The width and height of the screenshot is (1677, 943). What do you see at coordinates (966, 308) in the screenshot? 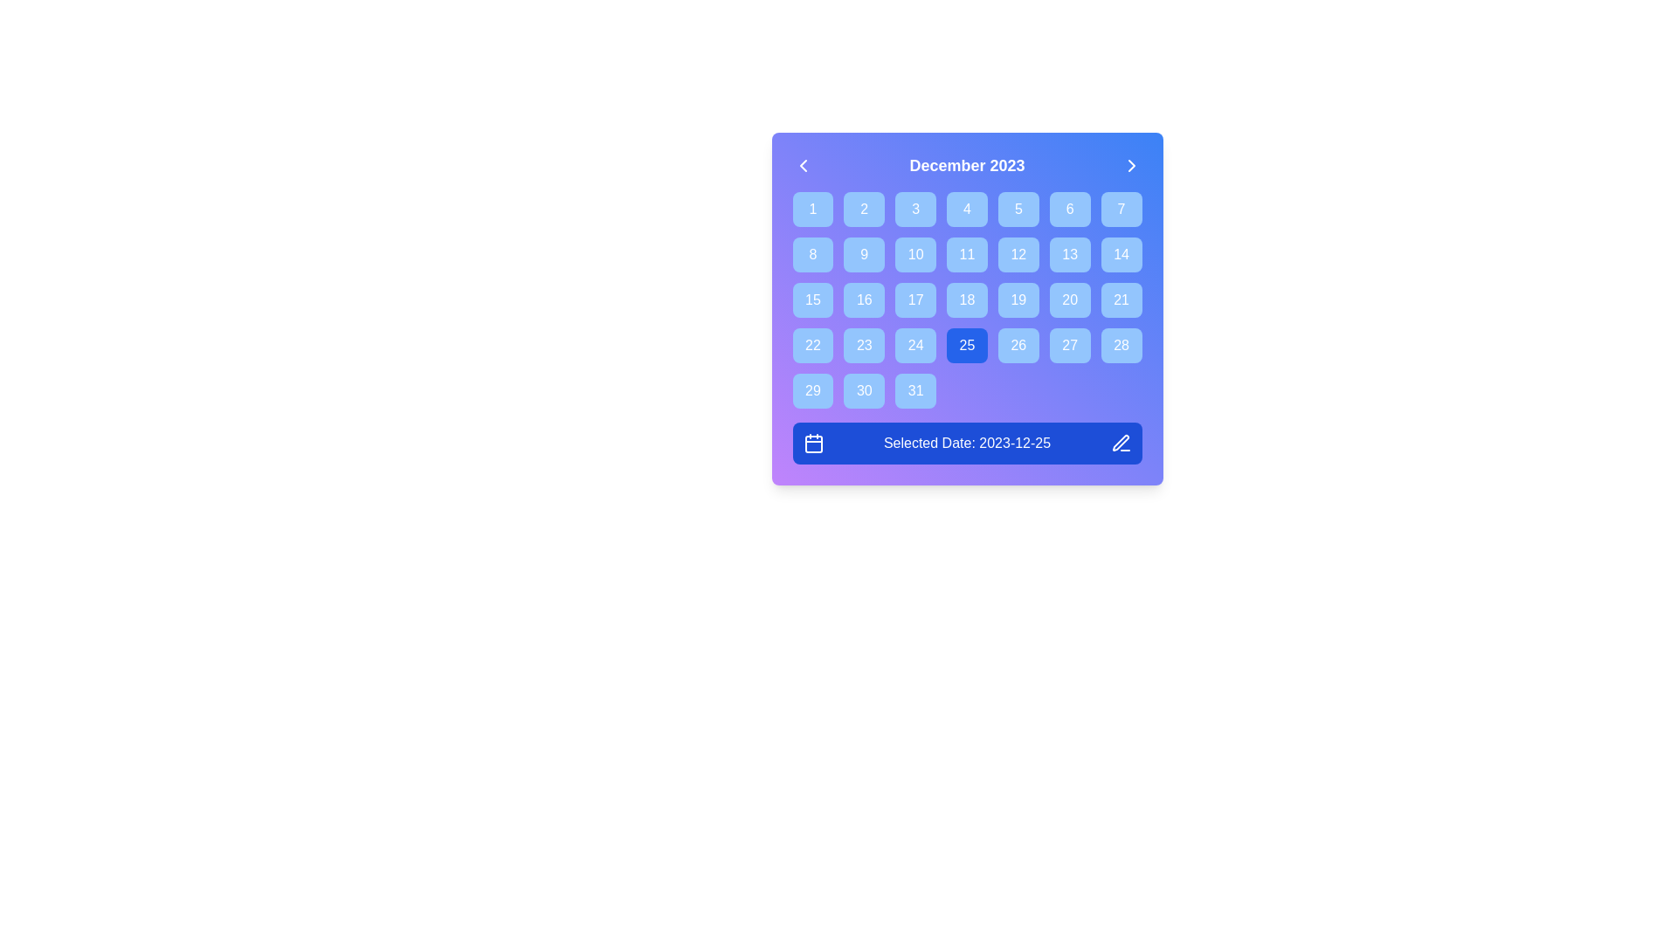
I see `the highlighted date '25' cell in the calendar grid` at bounding box center [966, 308].